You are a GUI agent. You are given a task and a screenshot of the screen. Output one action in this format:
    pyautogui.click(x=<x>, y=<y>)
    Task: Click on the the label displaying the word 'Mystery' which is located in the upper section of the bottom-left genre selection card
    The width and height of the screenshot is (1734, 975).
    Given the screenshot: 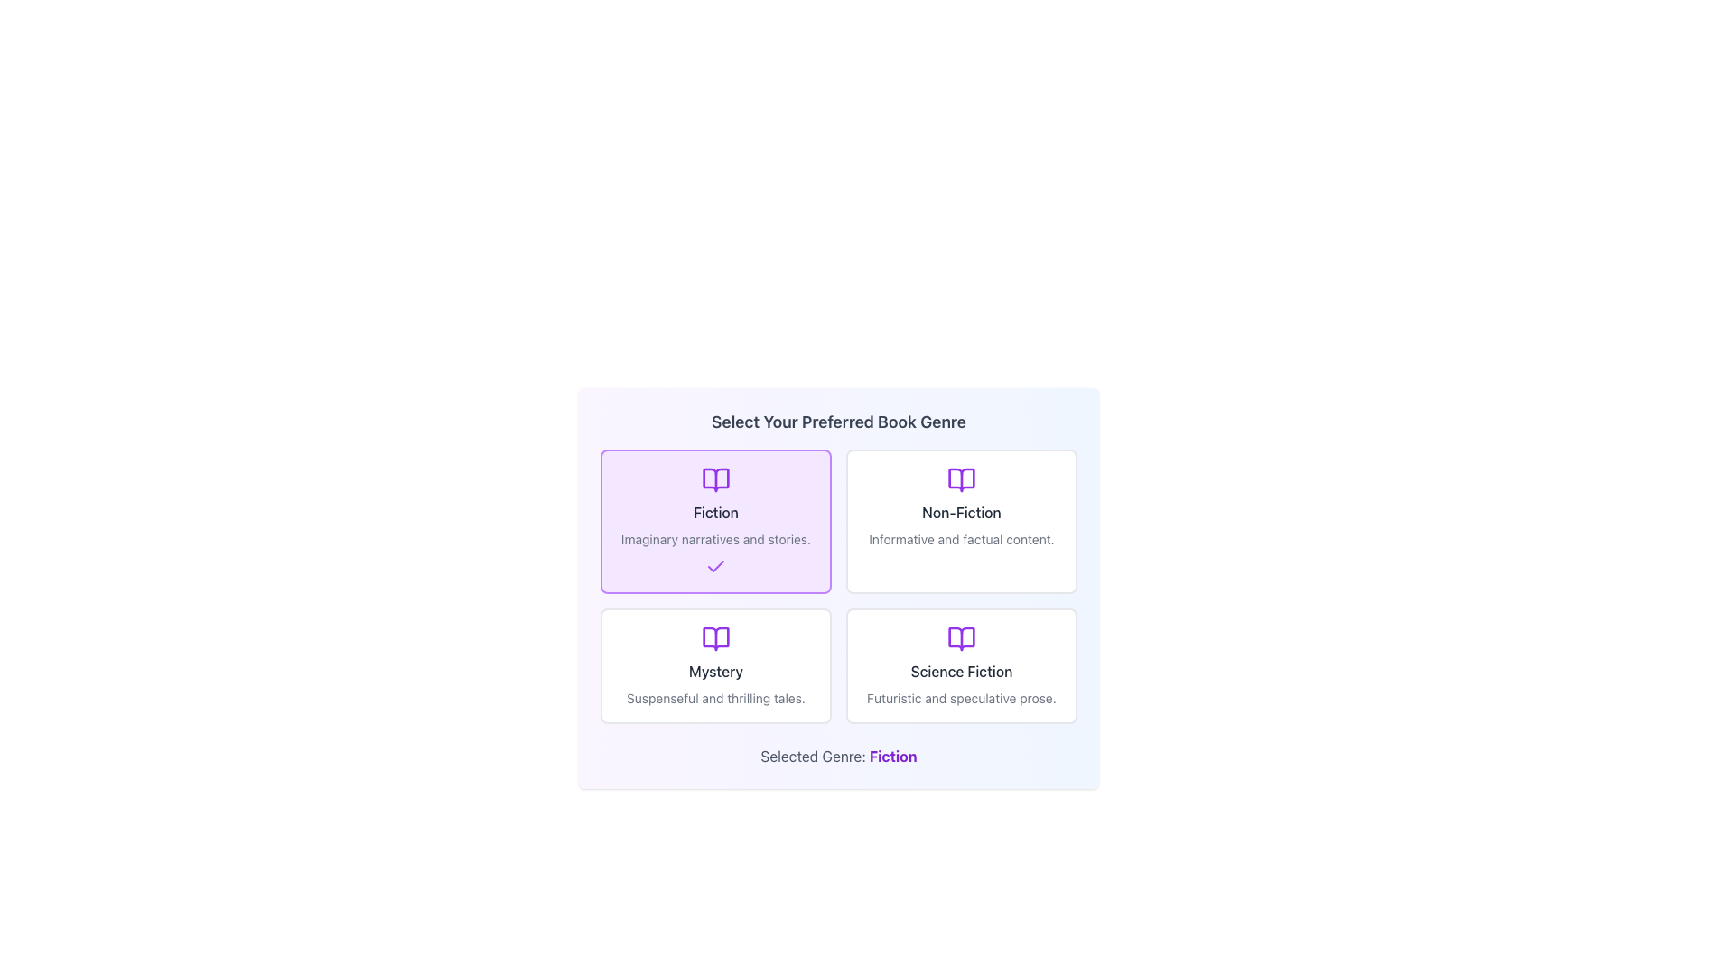 What is the action you would take?
    pyautogui.click(x=714, y=672)
    